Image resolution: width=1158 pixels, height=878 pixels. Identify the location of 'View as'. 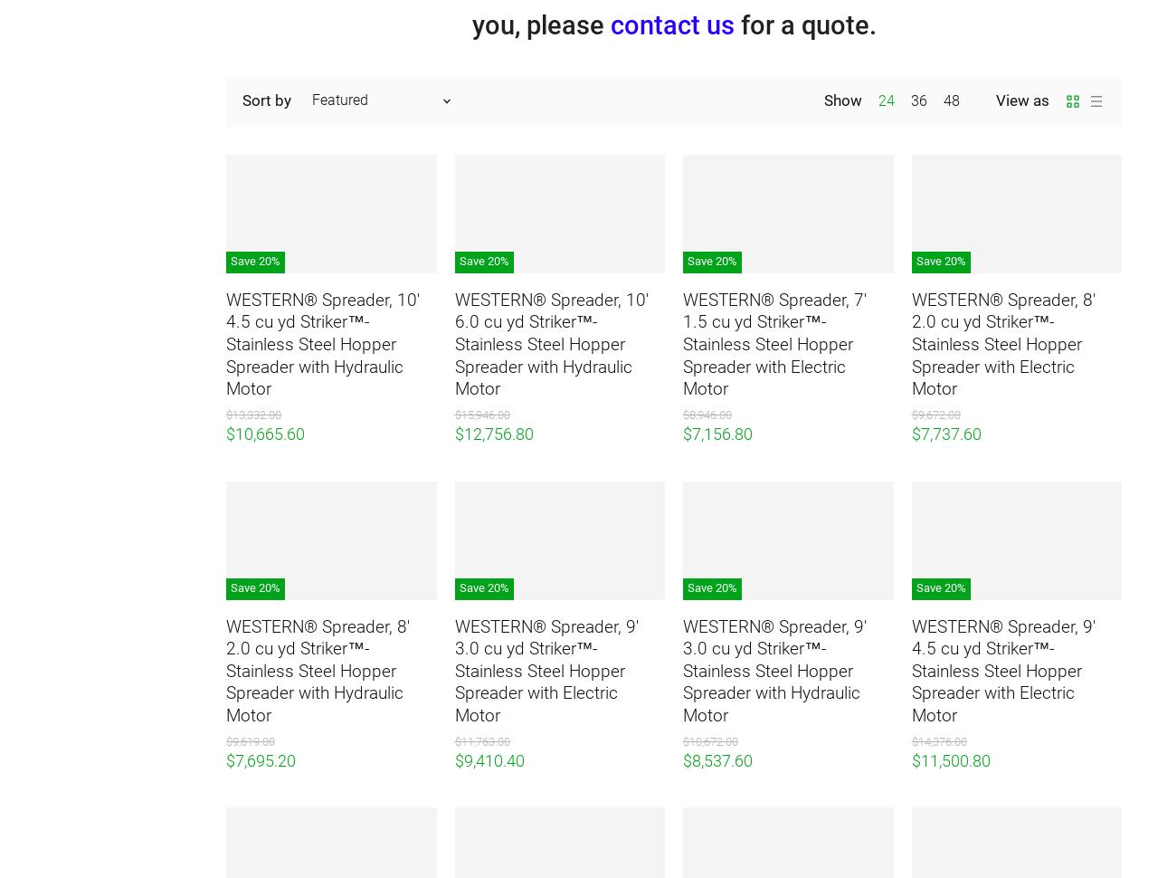
(1022, 99).